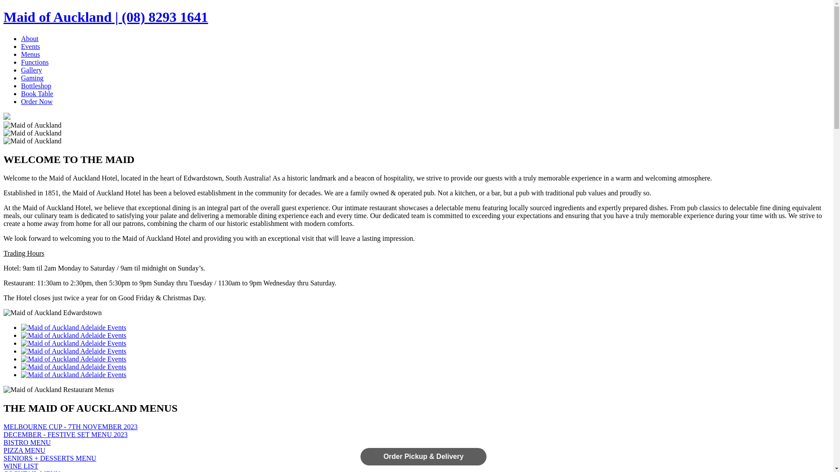 Image resolution: width=840 pixels, height=472 pixels. What do you see at coordinates (416, 435) in the screenshot?
I see `'DECEMBER - FESTIVE SET MENU 2023'` at bounding box center [416, 435].